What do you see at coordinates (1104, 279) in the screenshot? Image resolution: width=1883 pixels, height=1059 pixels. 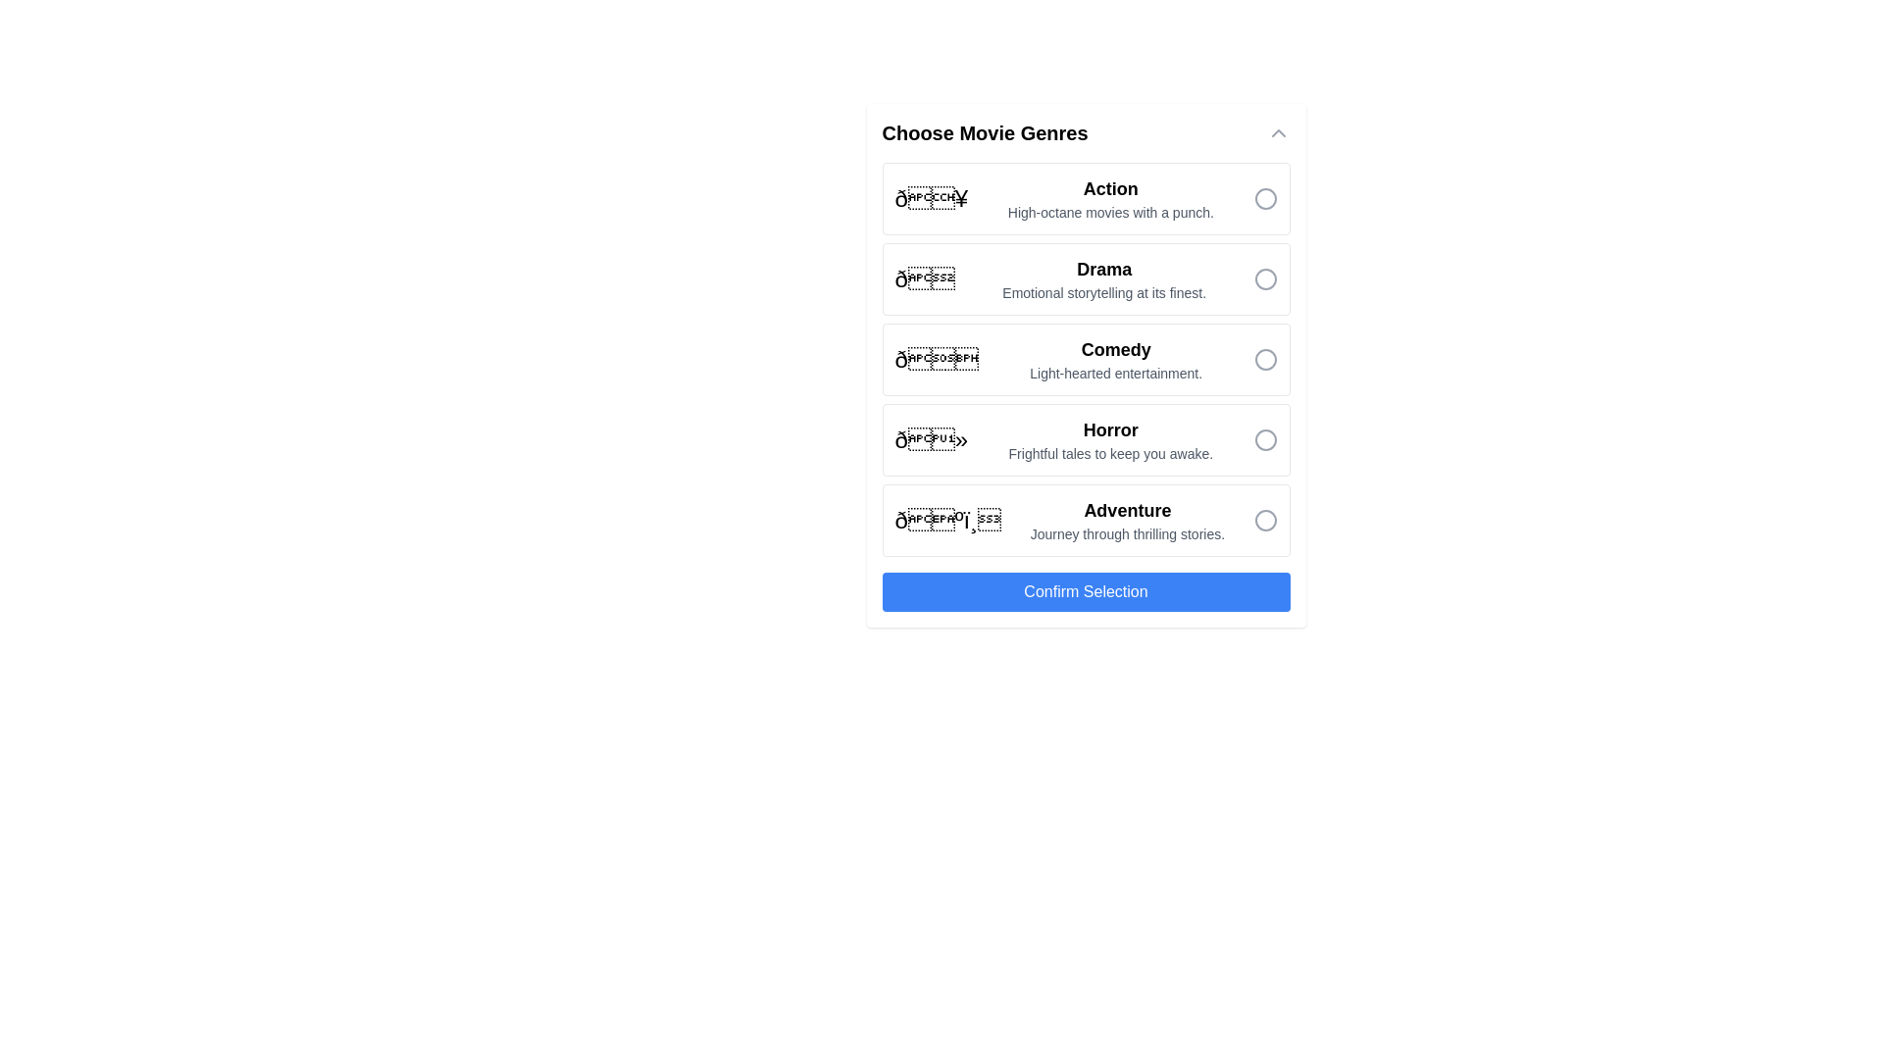 I see `the Text Display element that shows 'Drama' in bold and larger font size, with the second line 'Emotional storytelling at its finest.' in smaller gray font, located in the movie genre selection interface` at bounding box center [1104, 279].